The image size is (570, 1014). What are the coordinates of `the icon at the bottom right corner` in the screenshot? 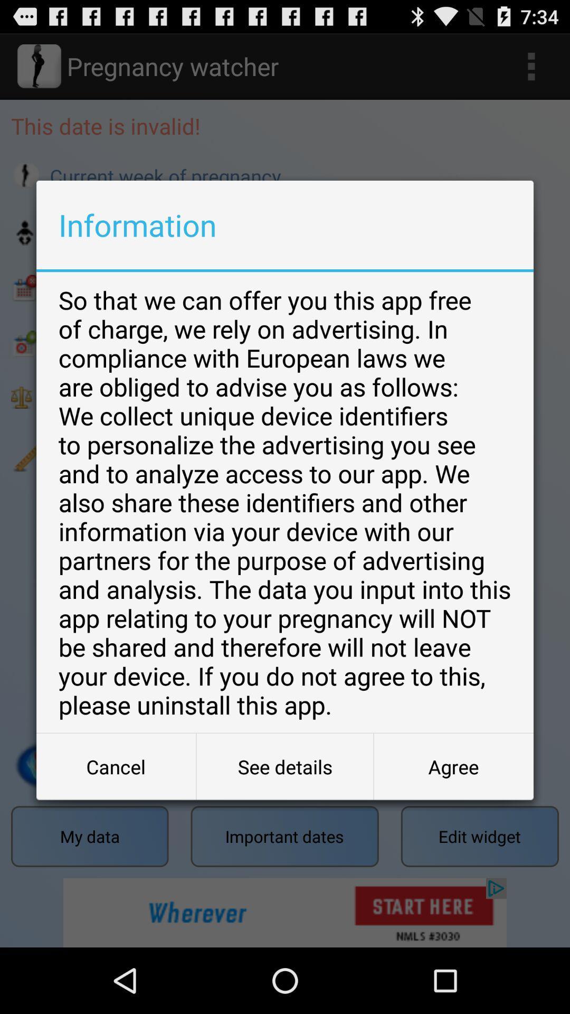 It's located at (453, 766).